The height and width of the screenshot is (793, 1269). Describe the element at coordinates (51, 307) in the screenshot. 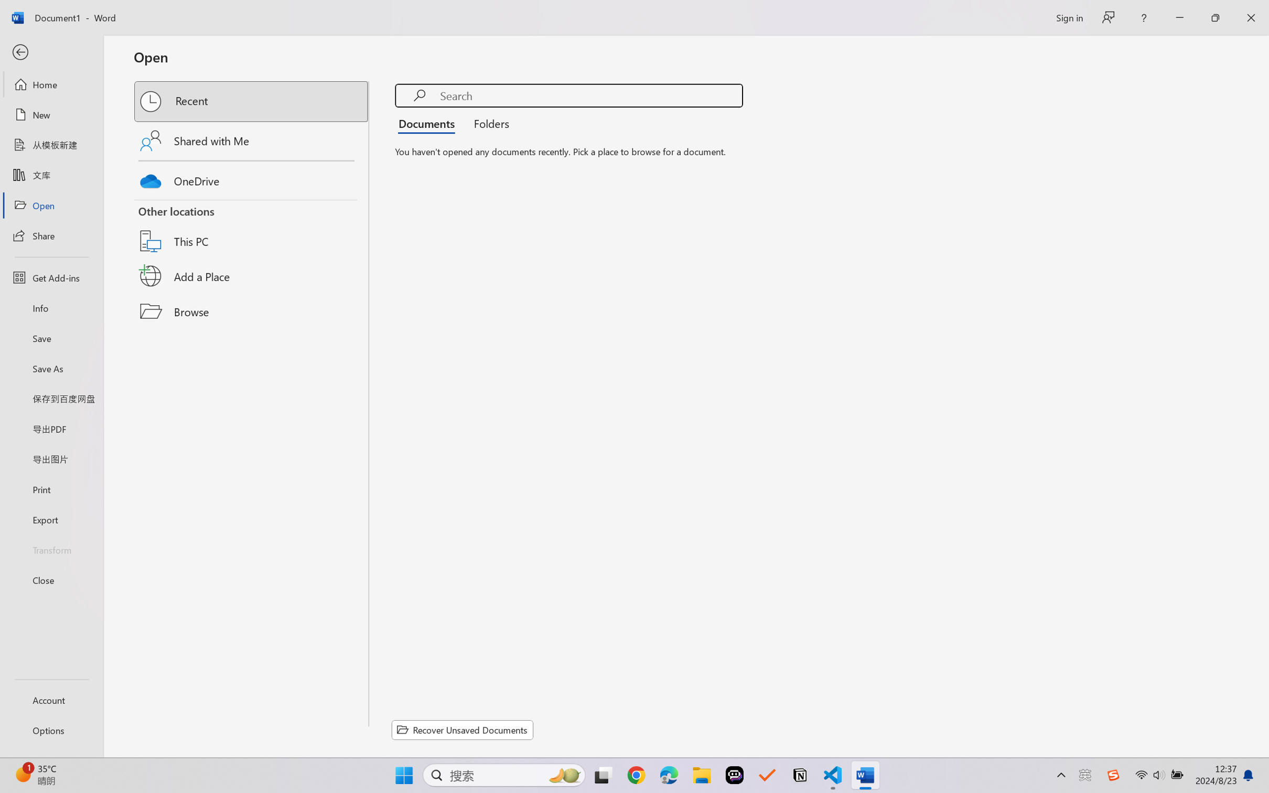

I see `'Info'` at that location.